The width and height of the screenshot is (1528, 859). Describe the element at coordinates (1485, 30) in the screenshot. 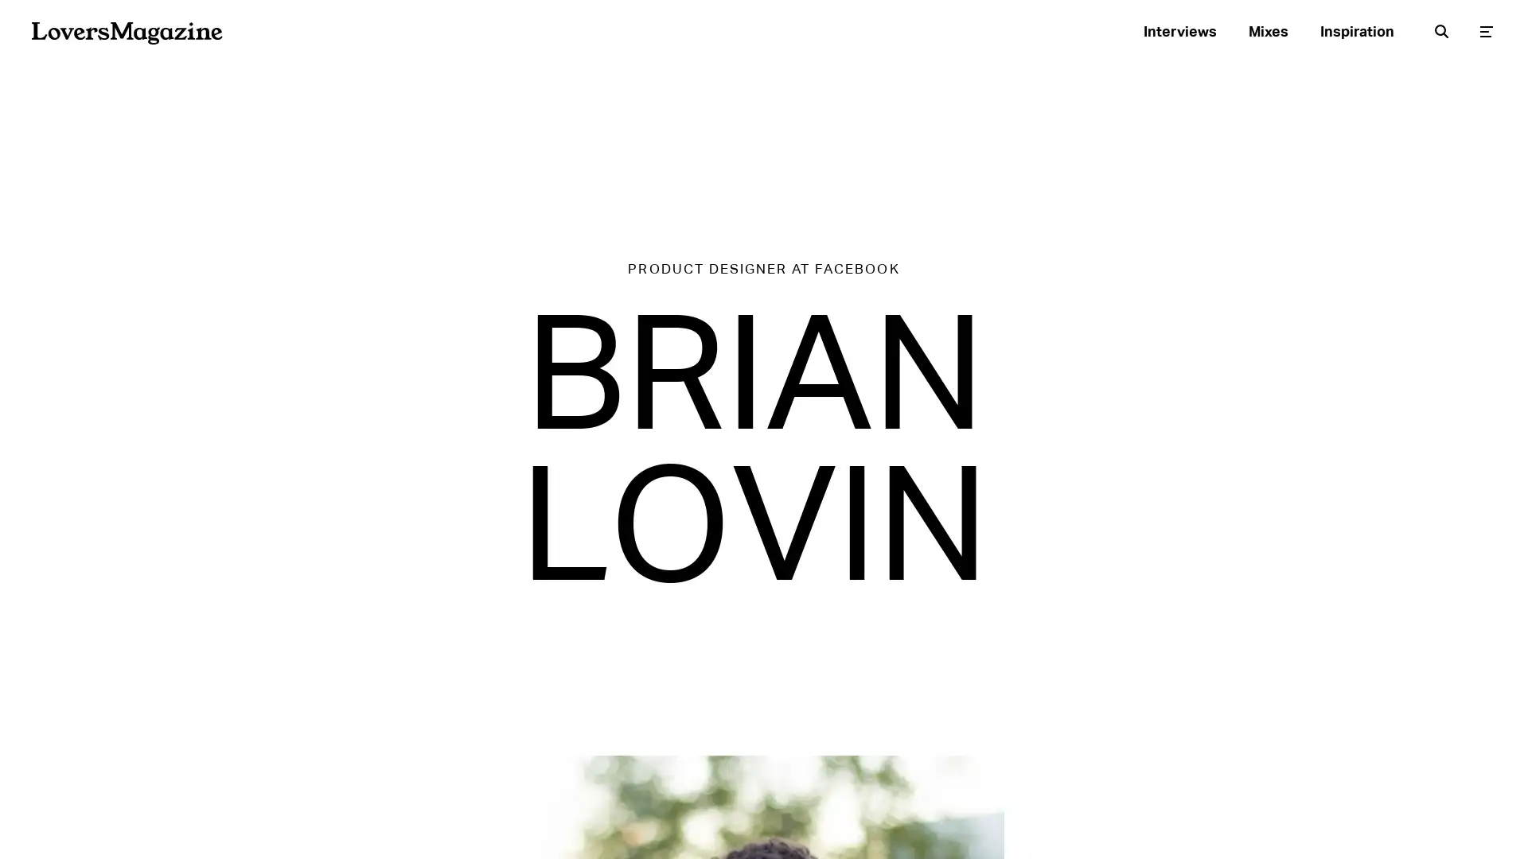

I see `Open Navigation` at that location.